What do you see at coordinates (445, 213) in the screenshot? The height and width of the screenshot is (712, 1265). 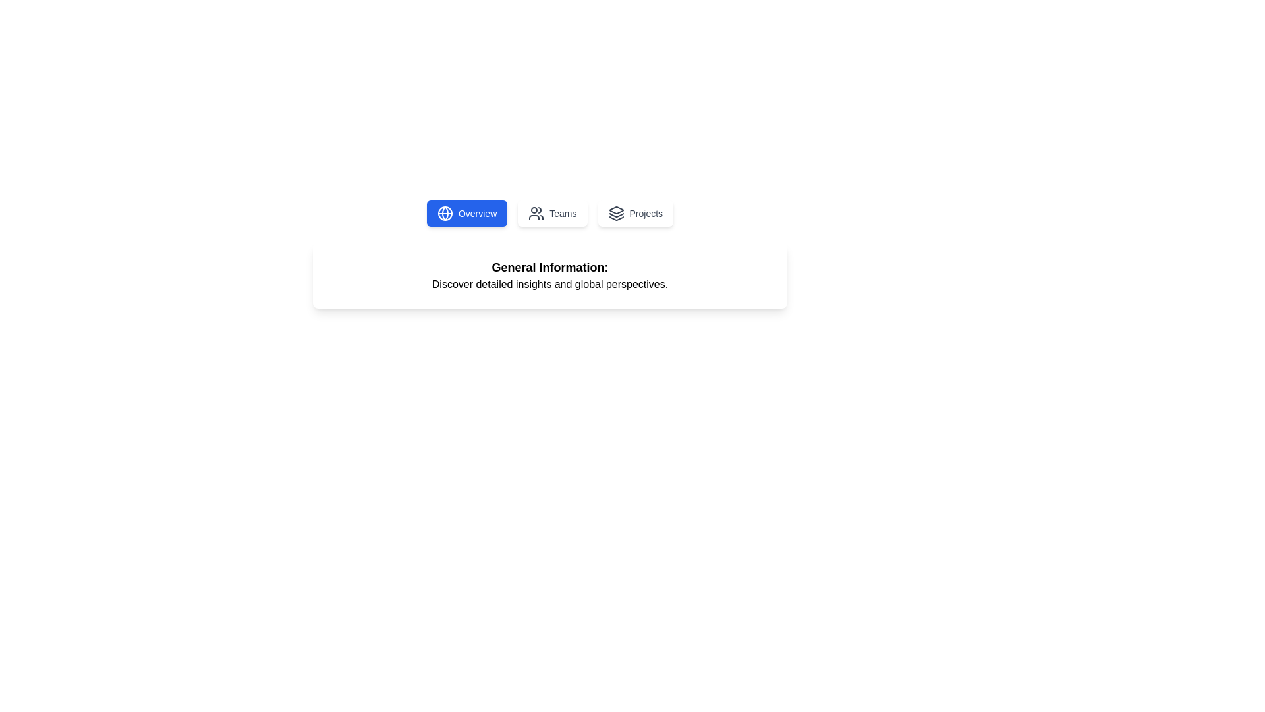 I see `the globe icon located to the left of the 'Overview' text in the upper-left side toolbar` at bounding box center [445, 213].